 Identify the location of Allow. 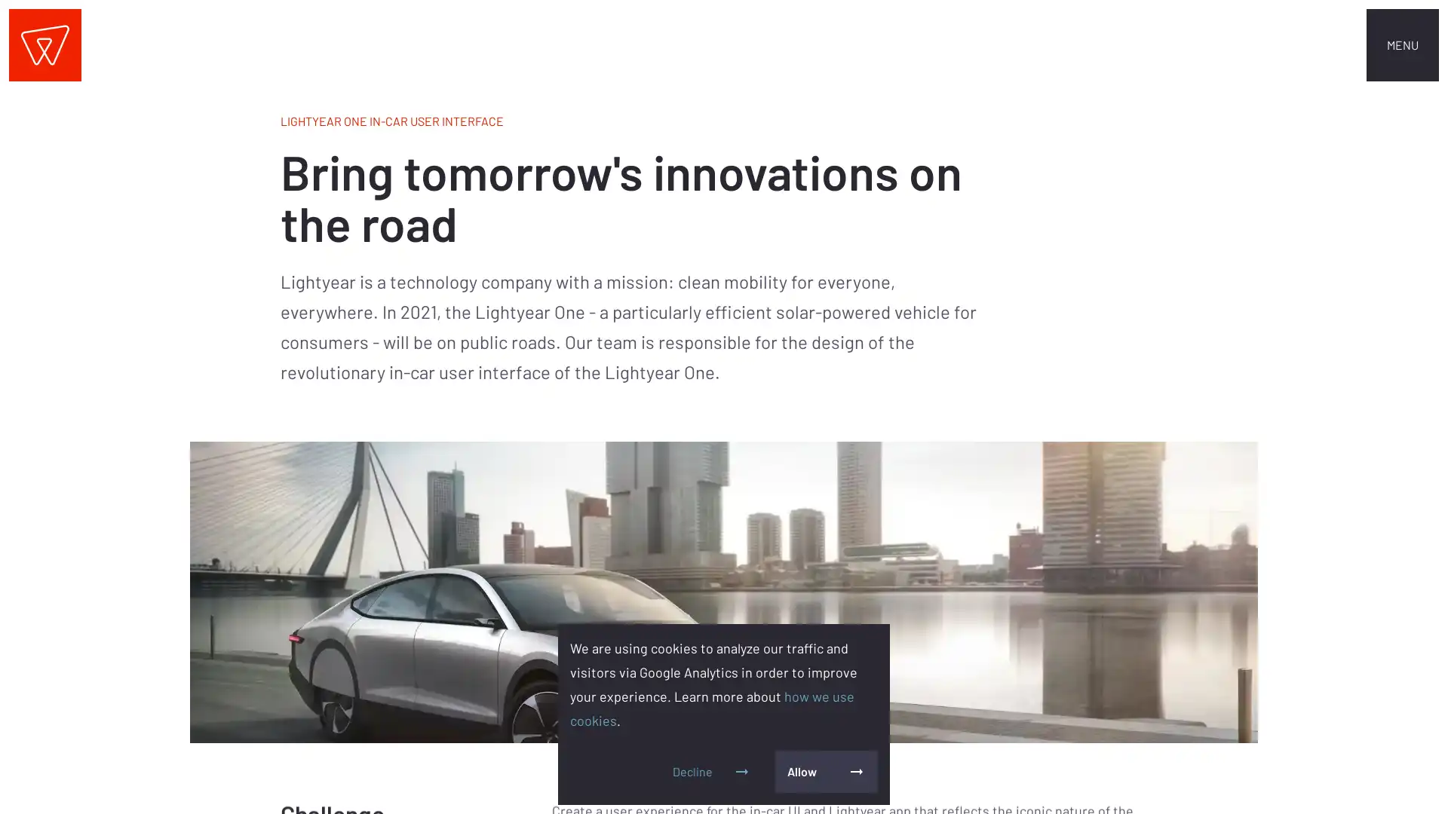
(825, 771).